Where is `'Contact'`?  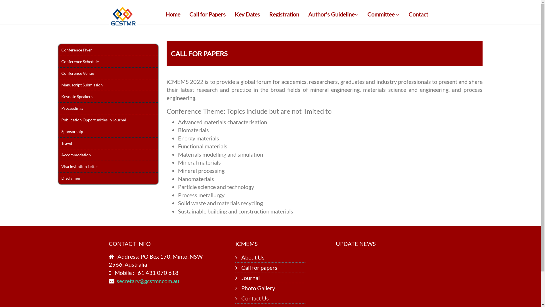 'Contact' is located at coordinates (418, 14).